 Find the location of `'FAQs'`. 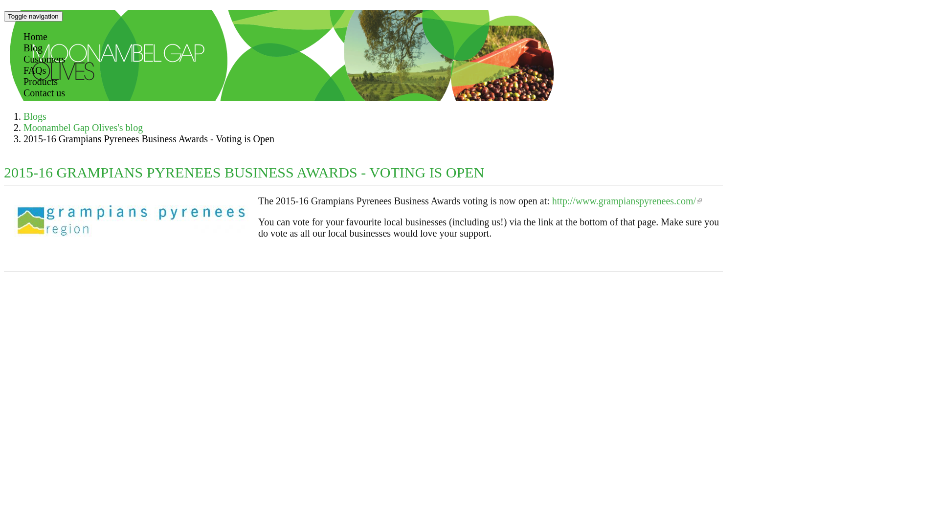

'FAQs' is located at coordinates (35, 69).